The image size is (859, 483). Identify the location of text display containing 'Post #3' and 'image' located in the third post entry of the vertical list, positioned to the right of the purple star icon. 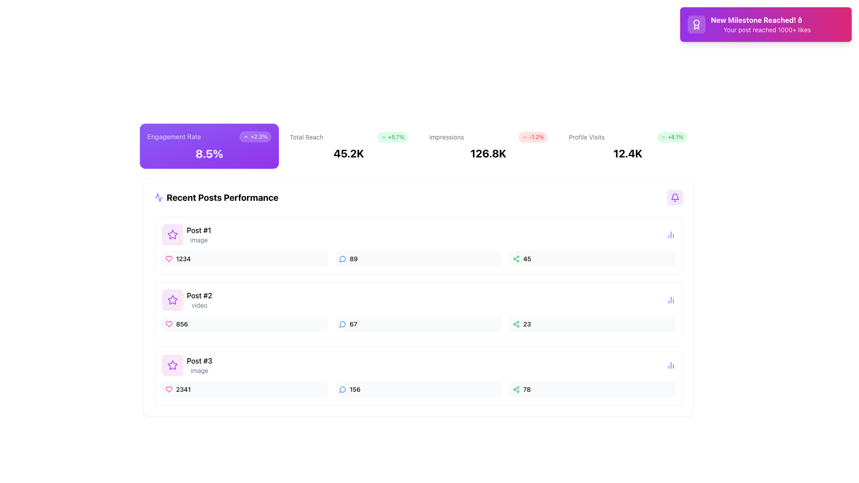
(199, 365).